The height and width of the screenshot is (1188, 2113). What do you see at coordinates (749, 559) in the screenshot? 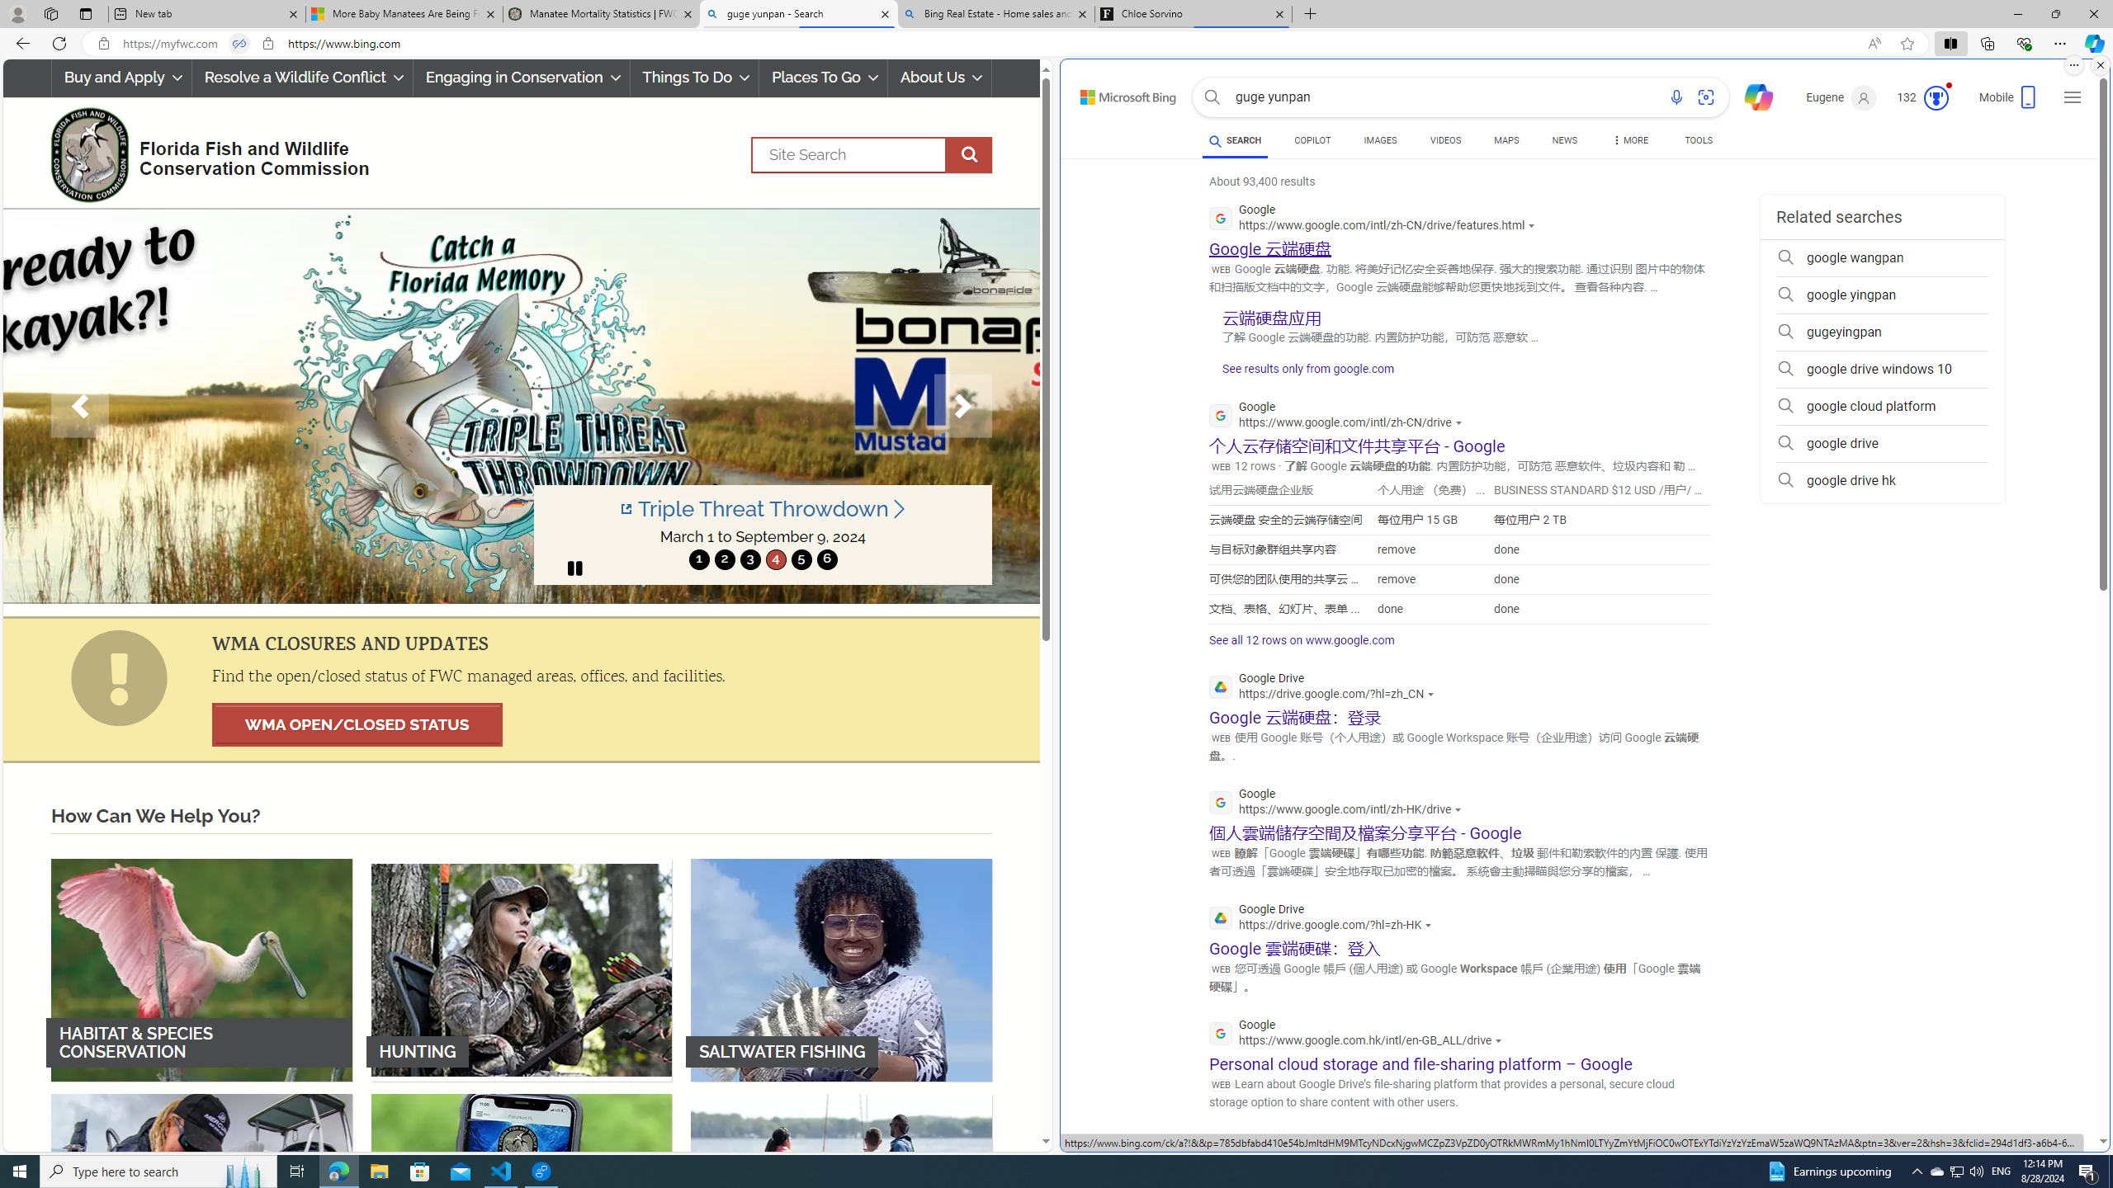
I see `'3'` at bounding box center [749, 559].